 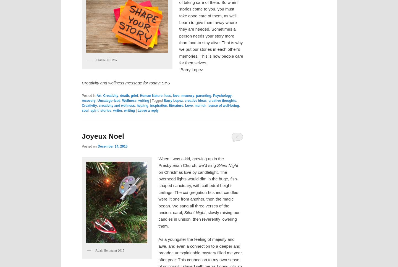 I want to click on 'Barry Lopez', so click(x=173, y=100).